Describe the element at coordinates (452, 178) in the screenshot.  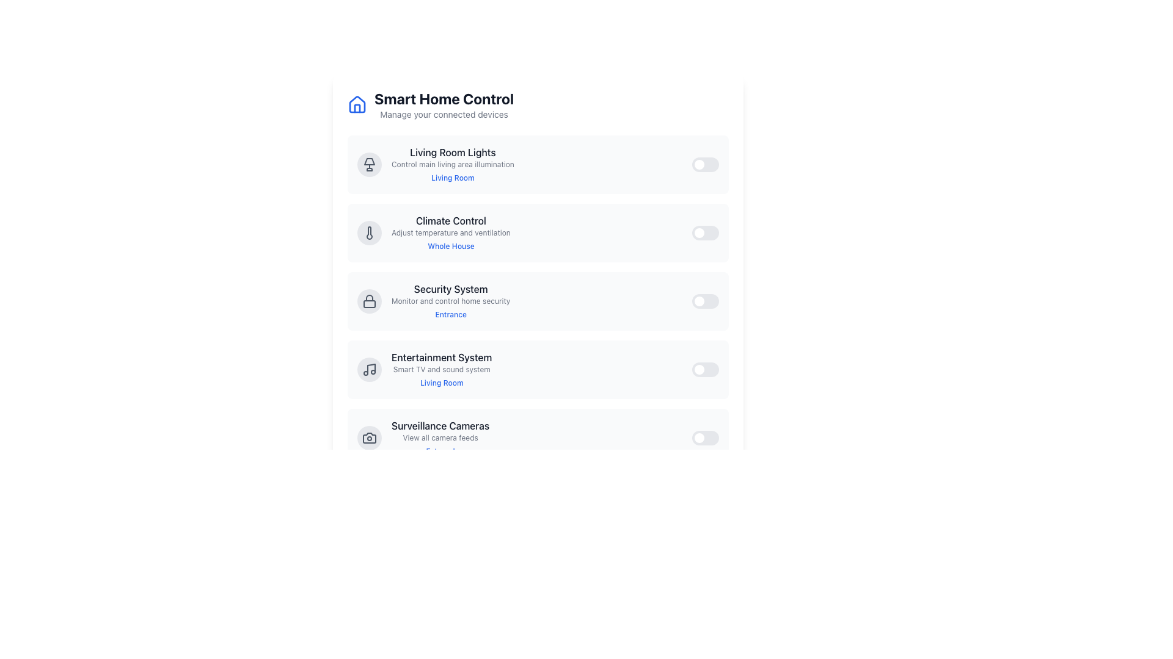
I see `the hyperlink styled text or descriptor label located below the 'Control main living area illumination' text in the 'Living Room Lights' section` at that location.